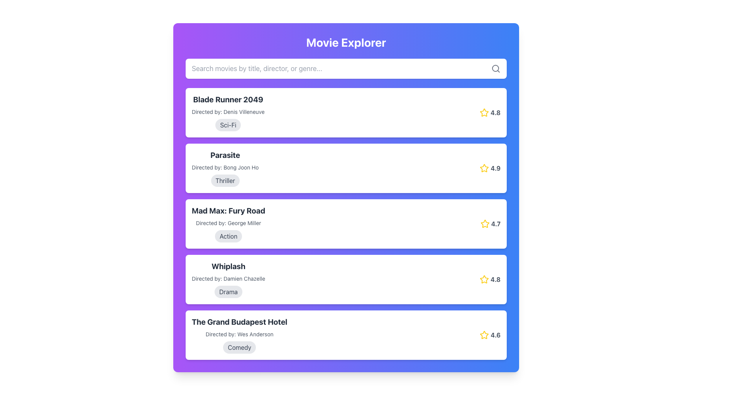 The height and width of the screenshot is (417, 741). Describe the element at coordinates (228, 278) in the screenshot. I see `the text label that reads 'Directed by: Damien Chazelle', which is styled in a small gray font and positioned within the movie information card, located below the movie title 'Whiplash'` at that location.